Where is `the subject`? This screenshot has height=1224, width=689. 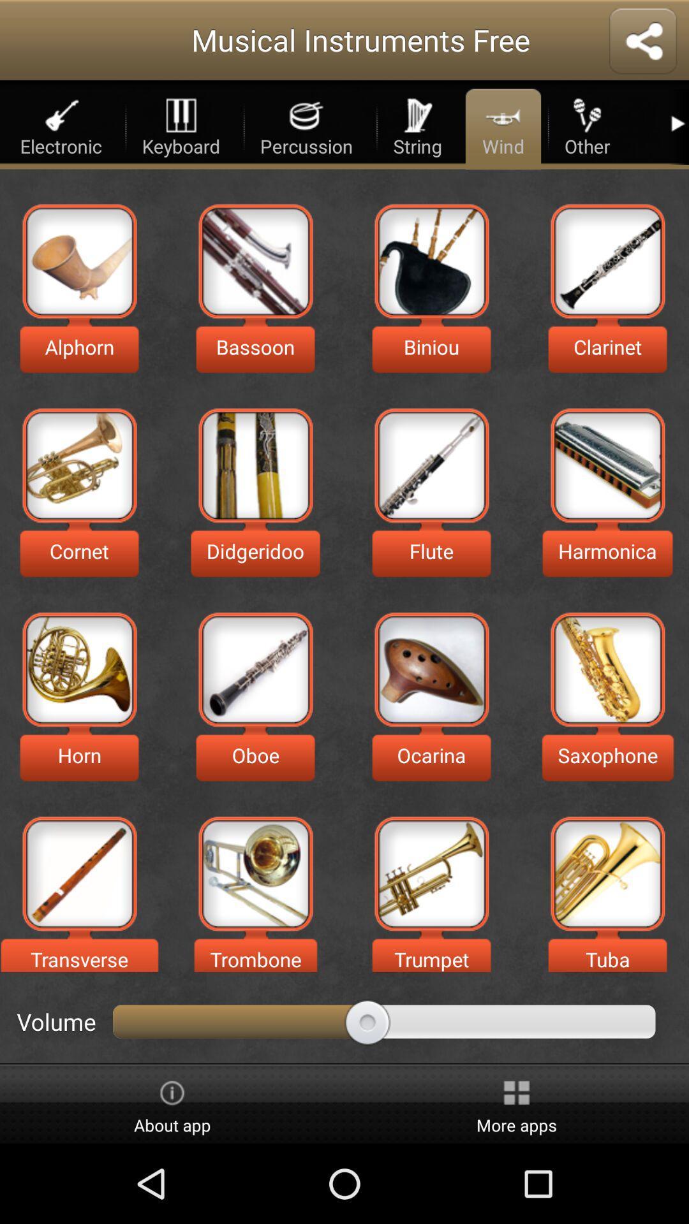
the subject is located at coordinates (607, 873).